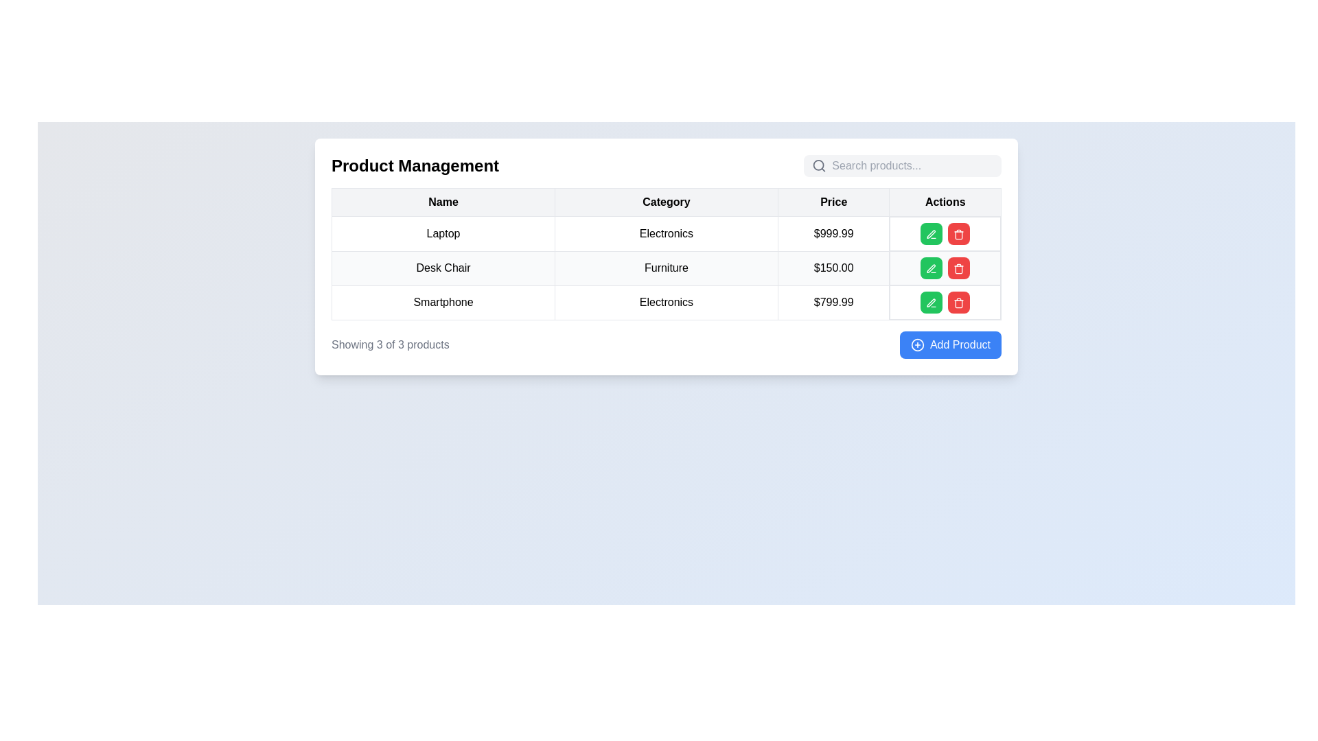 This screenshot has width=1318, height=741. I want to click on the pen icon button outlined in green in the 'Actions' column for the 'Desk Chair' entry in the 'Product Management' table, so click(931, 268).